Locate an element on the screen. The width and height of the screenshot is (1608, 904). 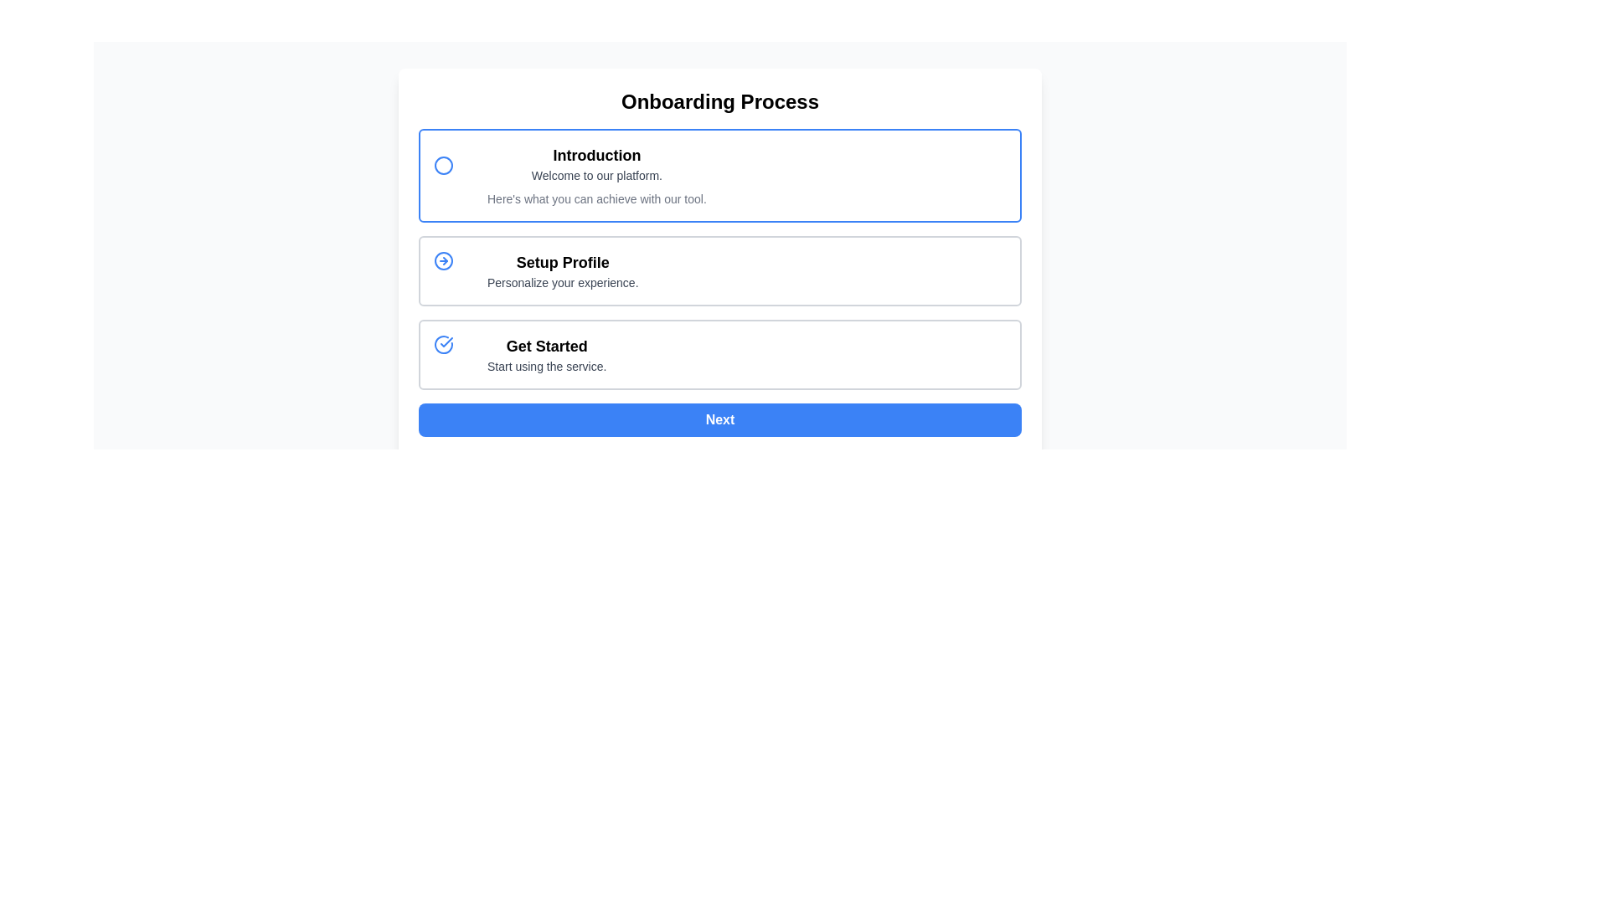
the visual state of the completion icon located at the top-left corner of the 'Get Started' card, which indicates the completion of the associated onboarding step is located at coordinates (454, 354).